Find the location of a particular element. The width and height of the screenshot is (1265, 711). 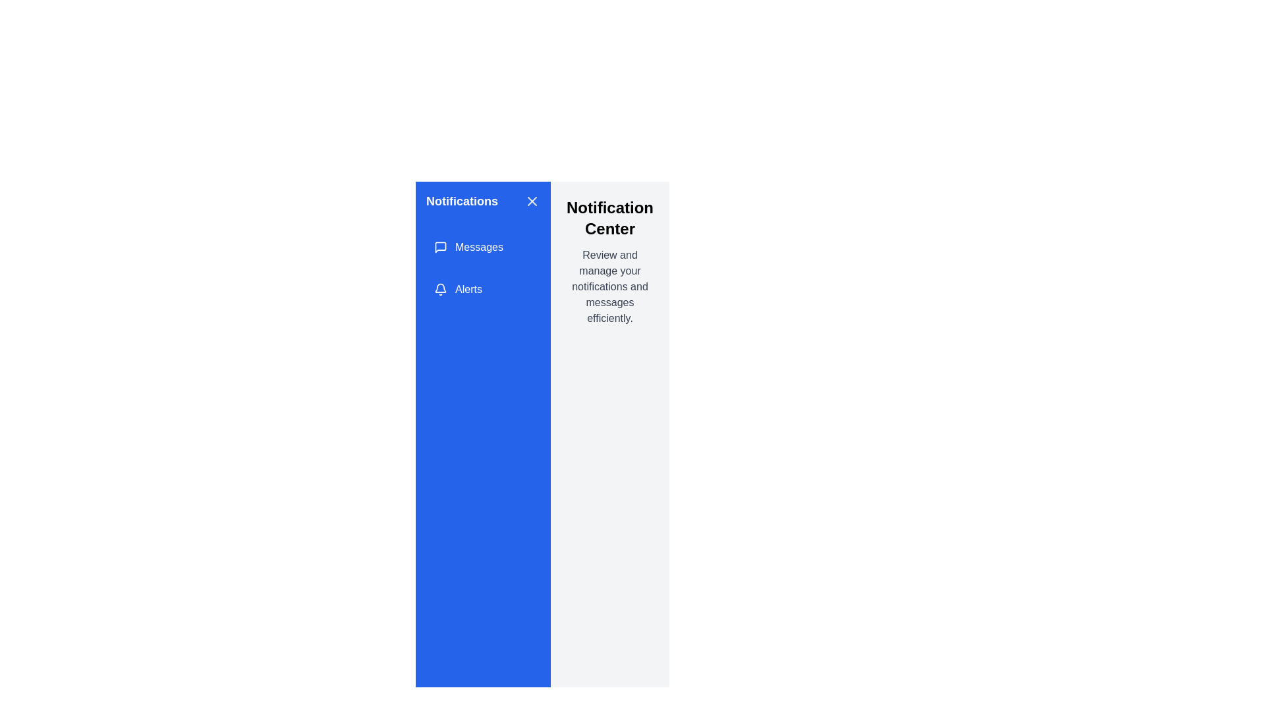

the message icon in the left sidebar, located above the 'Alerts' item is located at coordinates (440, 247).